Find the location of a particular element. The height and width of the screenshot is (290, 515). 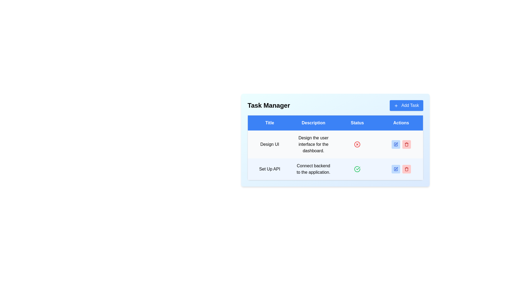

the editable icon in the 'Actions' column of the 'Set Up API' task row is located at coordinates (396, 169).